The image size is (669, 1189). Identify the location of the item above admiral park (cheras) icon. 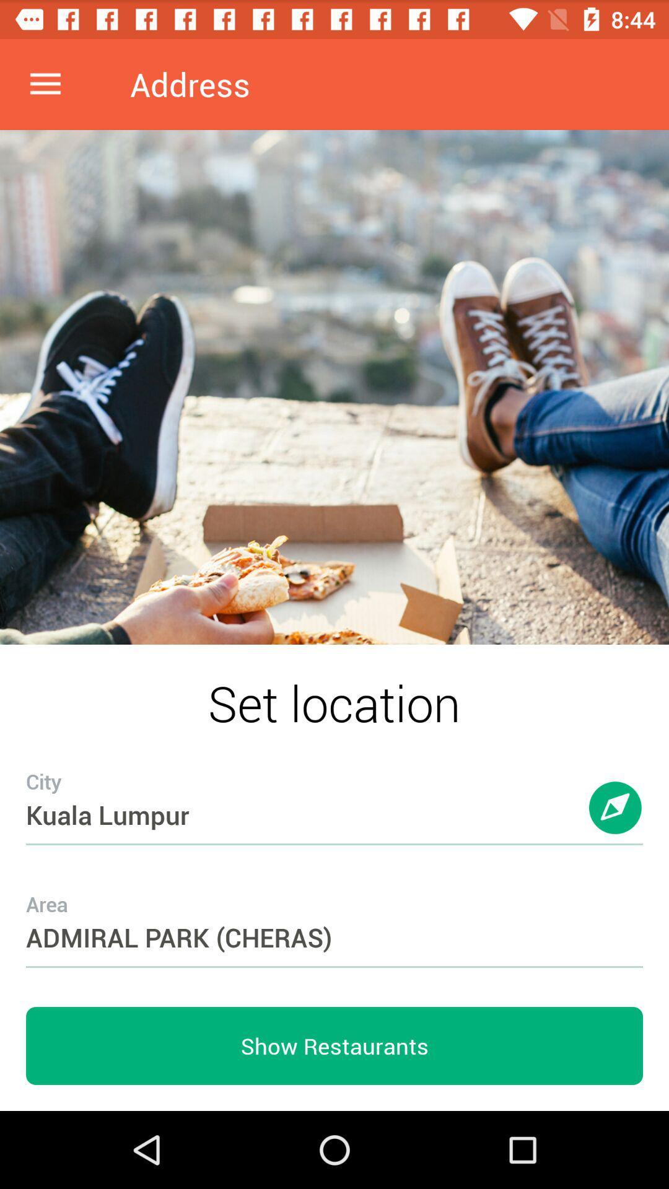
(334, 790).